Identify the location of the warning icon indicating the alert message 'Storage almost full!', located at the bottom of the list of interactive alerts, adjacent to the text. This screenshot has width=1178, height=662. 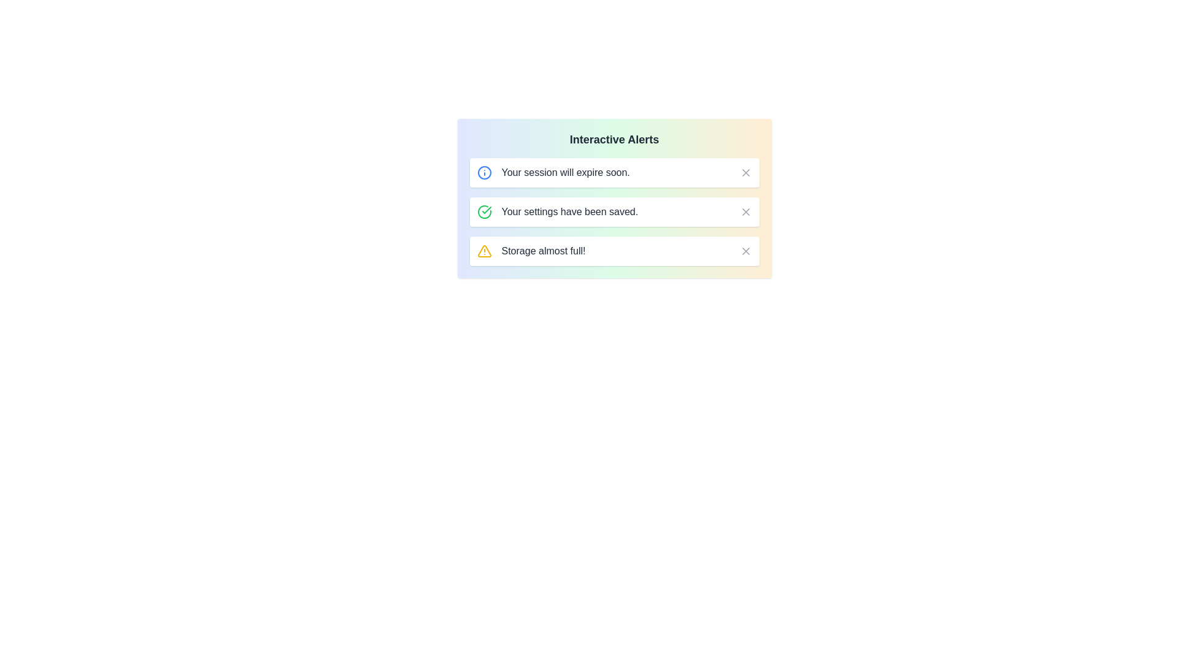
(483, 250).